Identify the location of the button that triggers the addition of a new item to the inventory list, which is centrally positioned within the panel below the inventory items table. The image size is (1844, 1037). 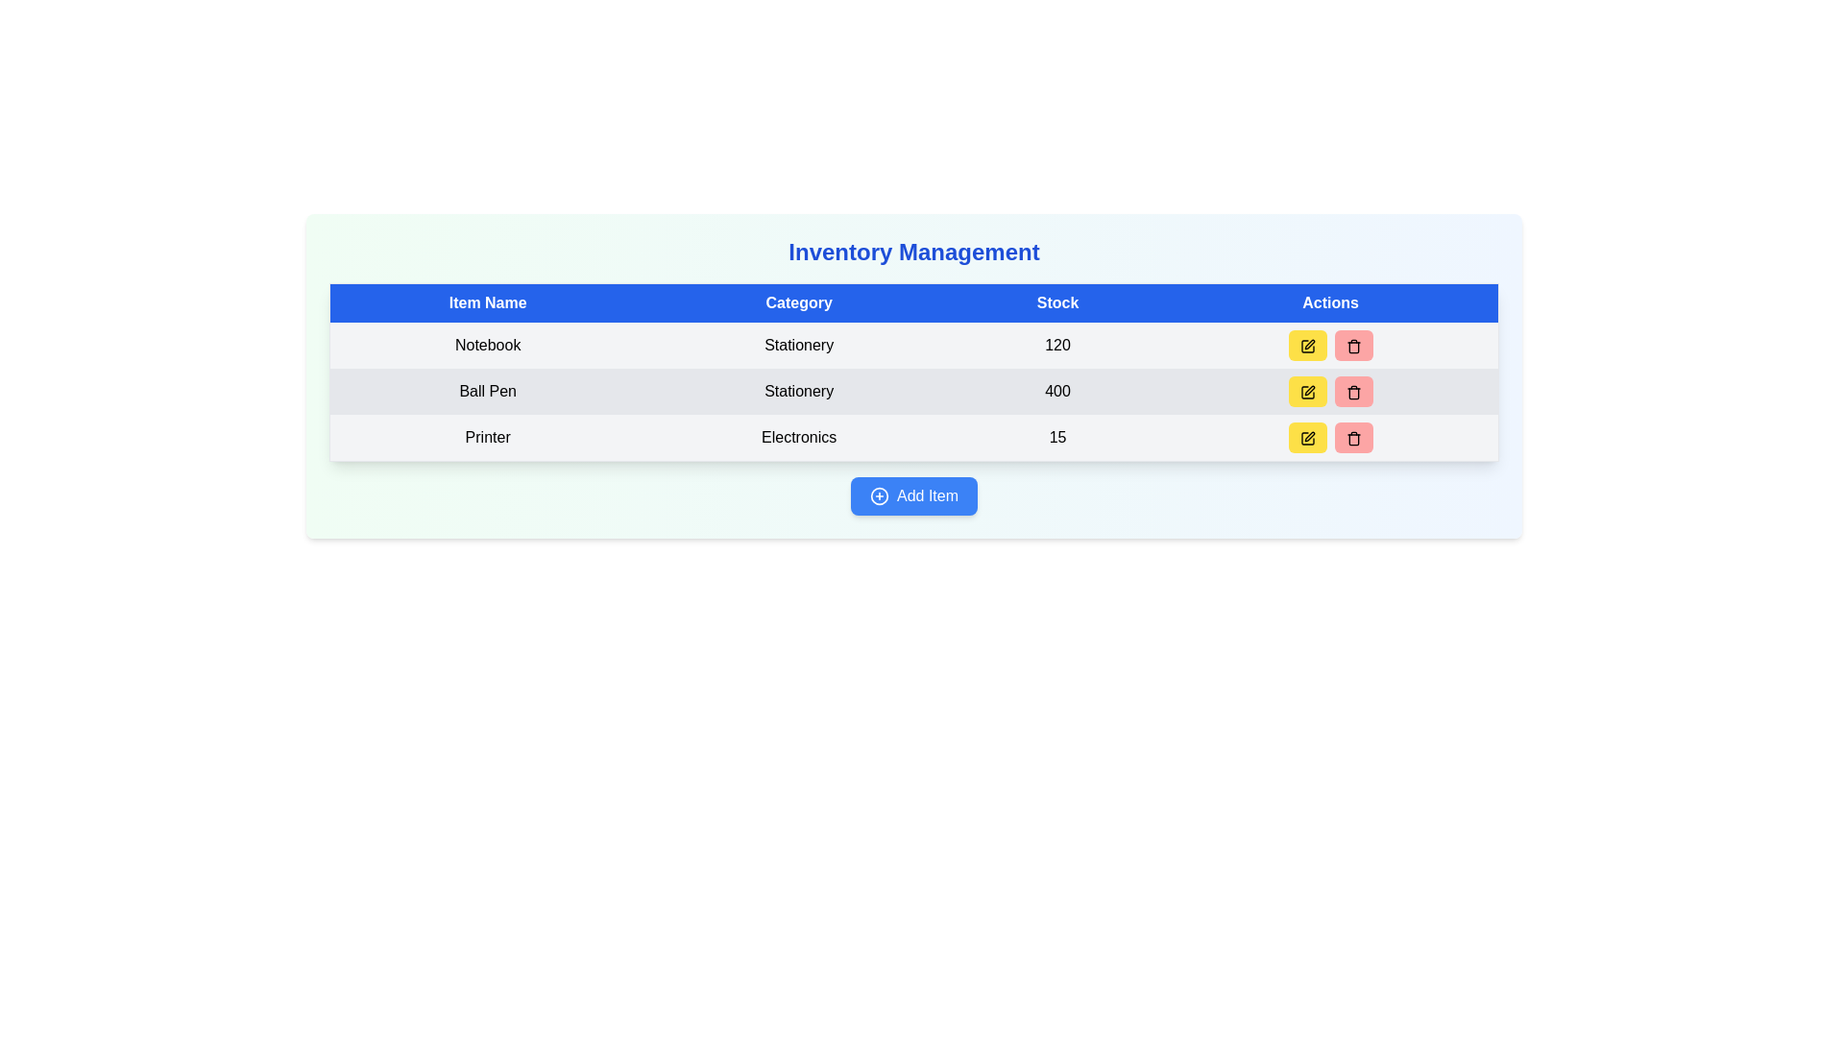
(912, 494).